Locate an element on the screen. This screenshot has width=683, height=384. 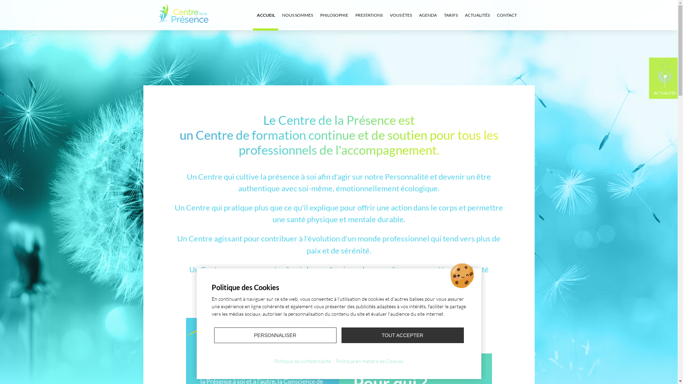
'PHILOSOPHIE' is located at coordinates (334, 15).